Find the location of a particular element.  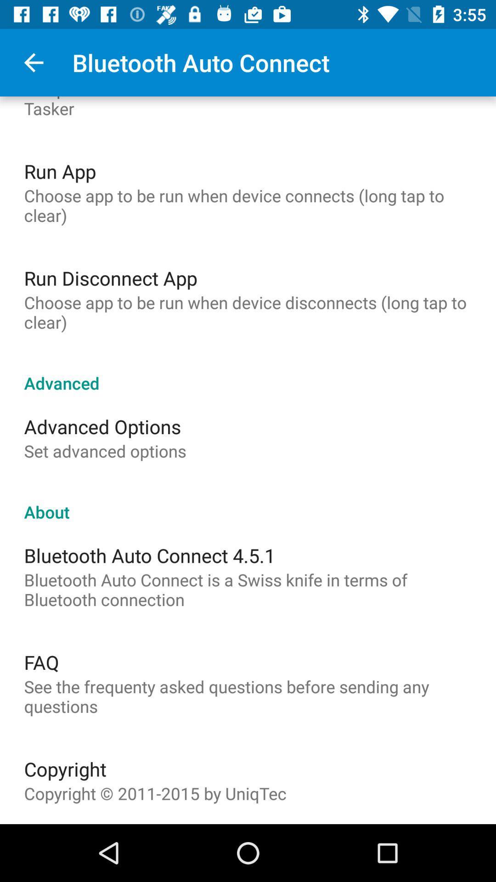

icon above the bluetooth auto connect is located at coordinates (248, 502).